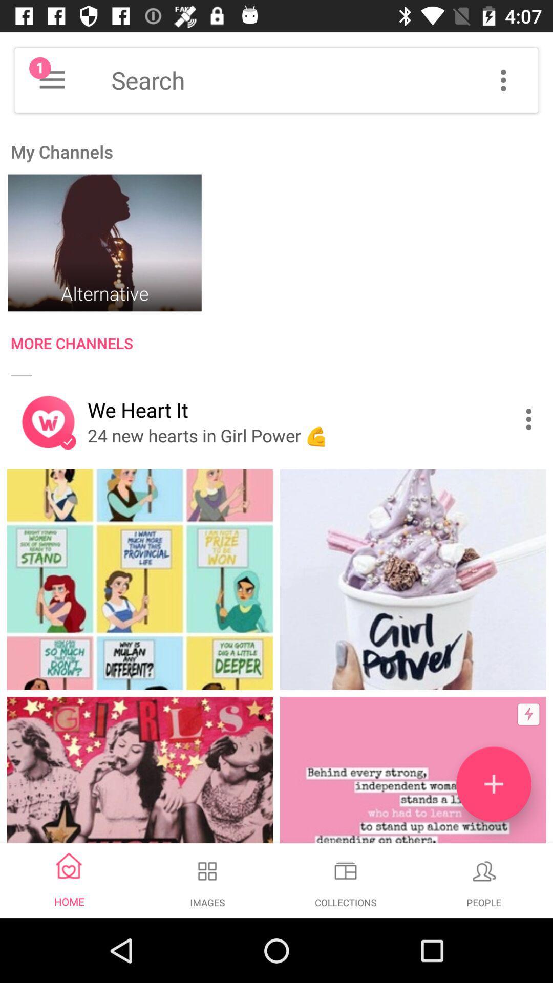 The width and height of the screenshot is (553, 983). Describe the element at coordinates (493, 783) in the screenshot. I see `new collection` at that location.